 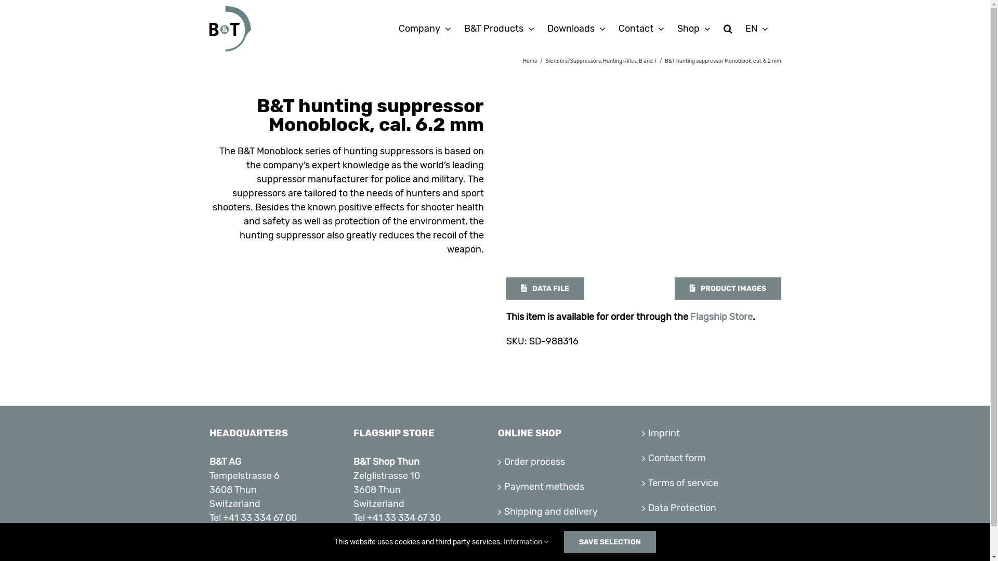 What do you see at coordinates (727, 28) in the screenshot?
I see `'Search'` at bounding box center [727, 28].